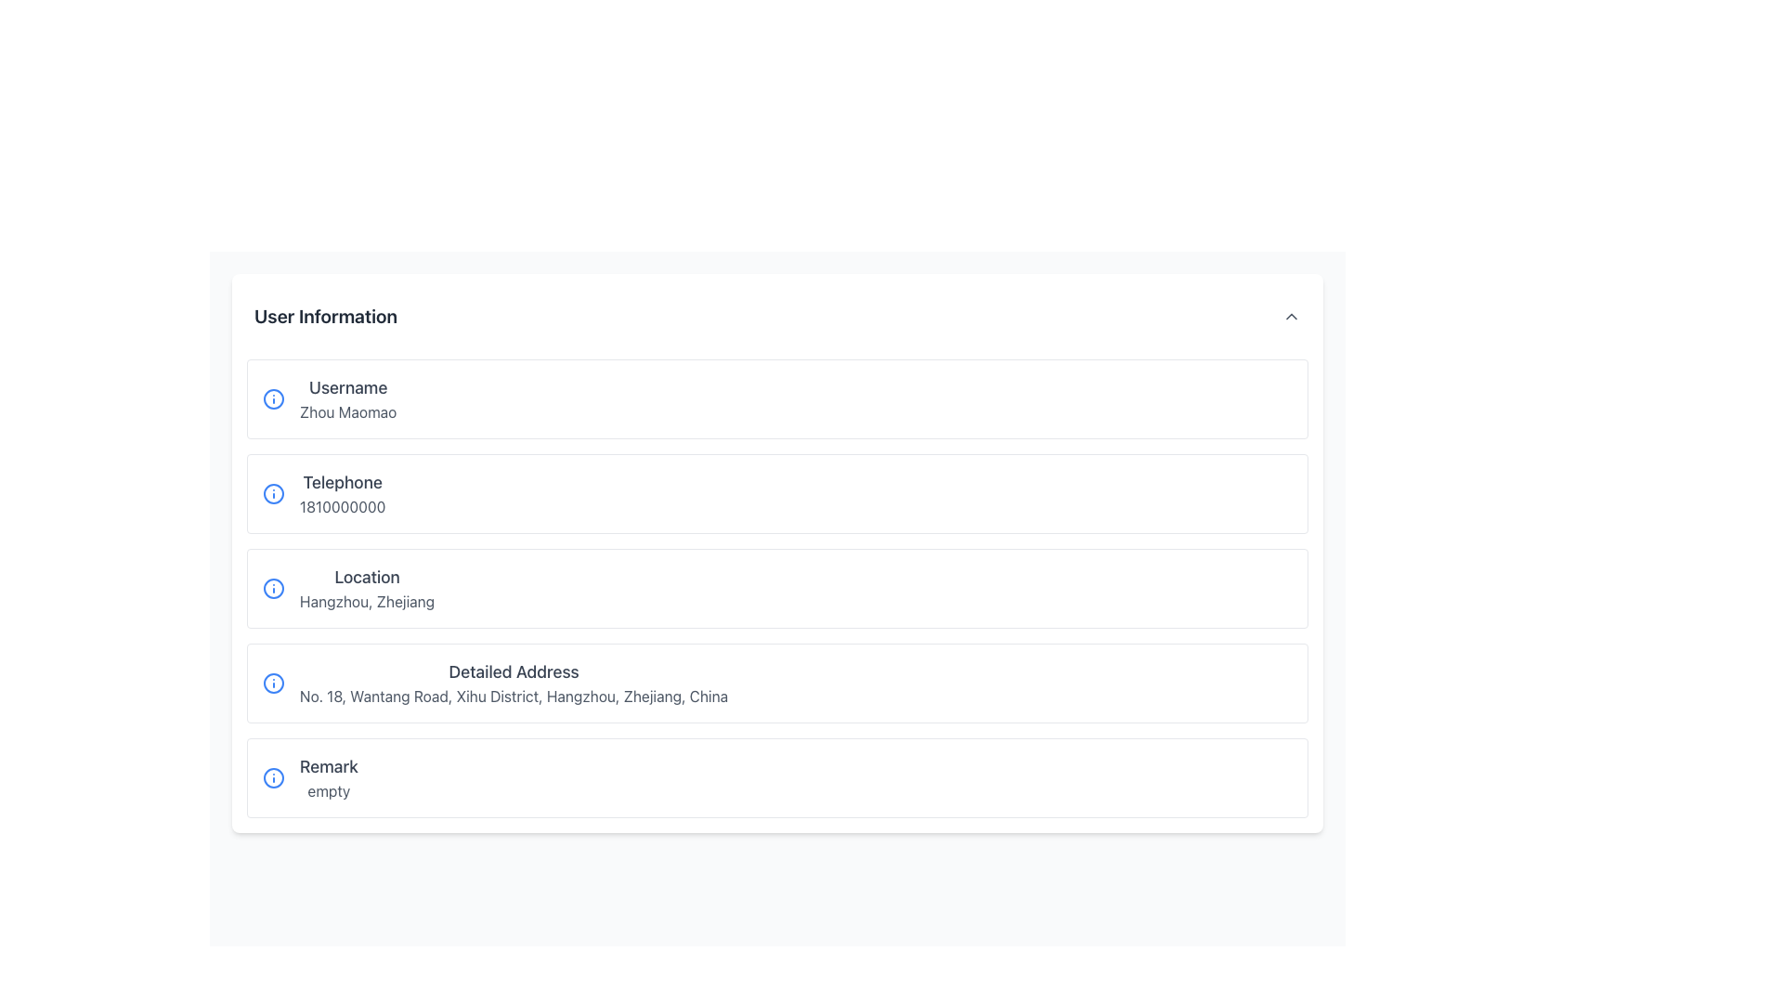 This screenshot has width=1783, height=1003. I want to click on the Text Display element that shows the user's city and region, which is positioned third in the 'User Information' section, so click(367, 588).